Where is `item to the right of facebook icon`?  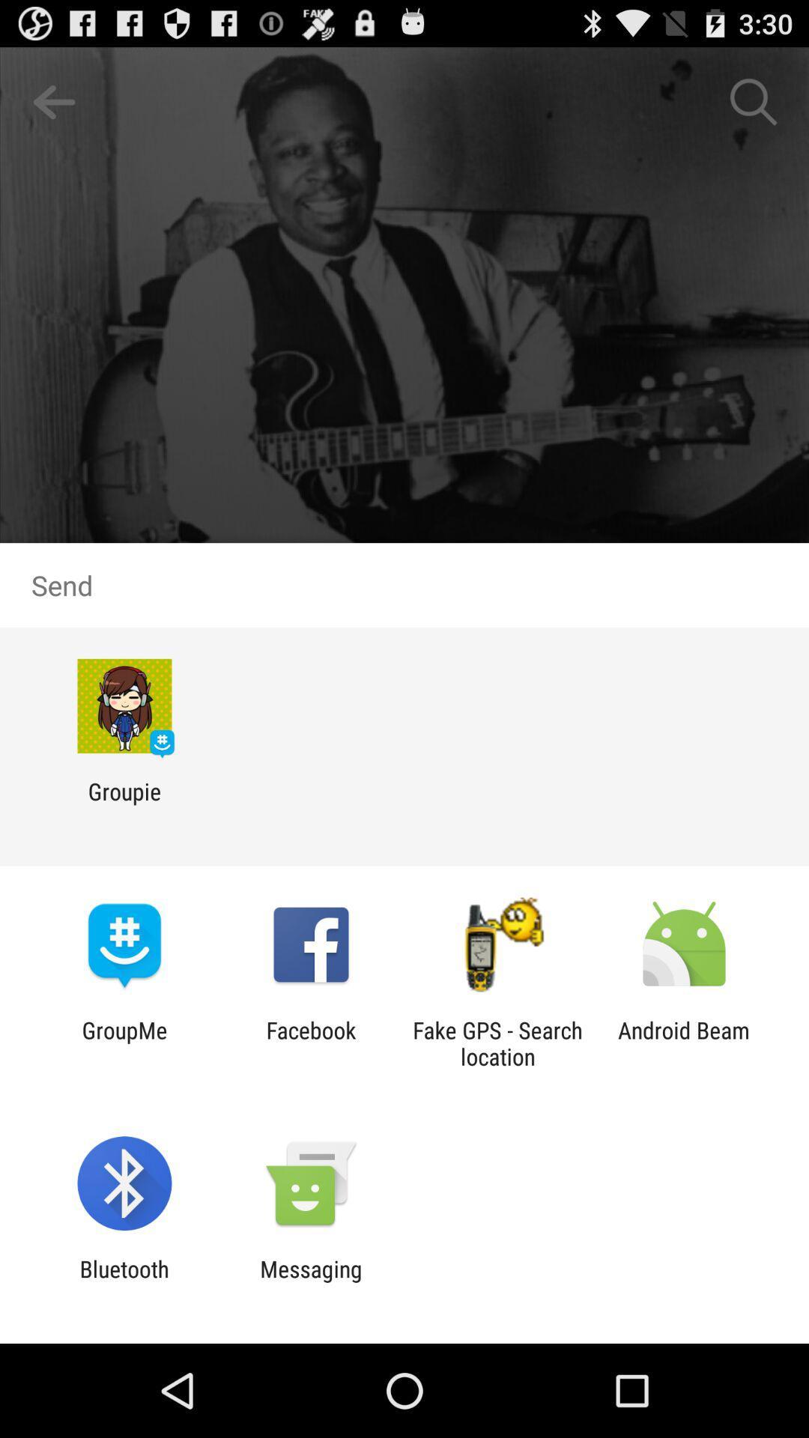 item to the right of facebook icon is located at coordinates (497, 1043).